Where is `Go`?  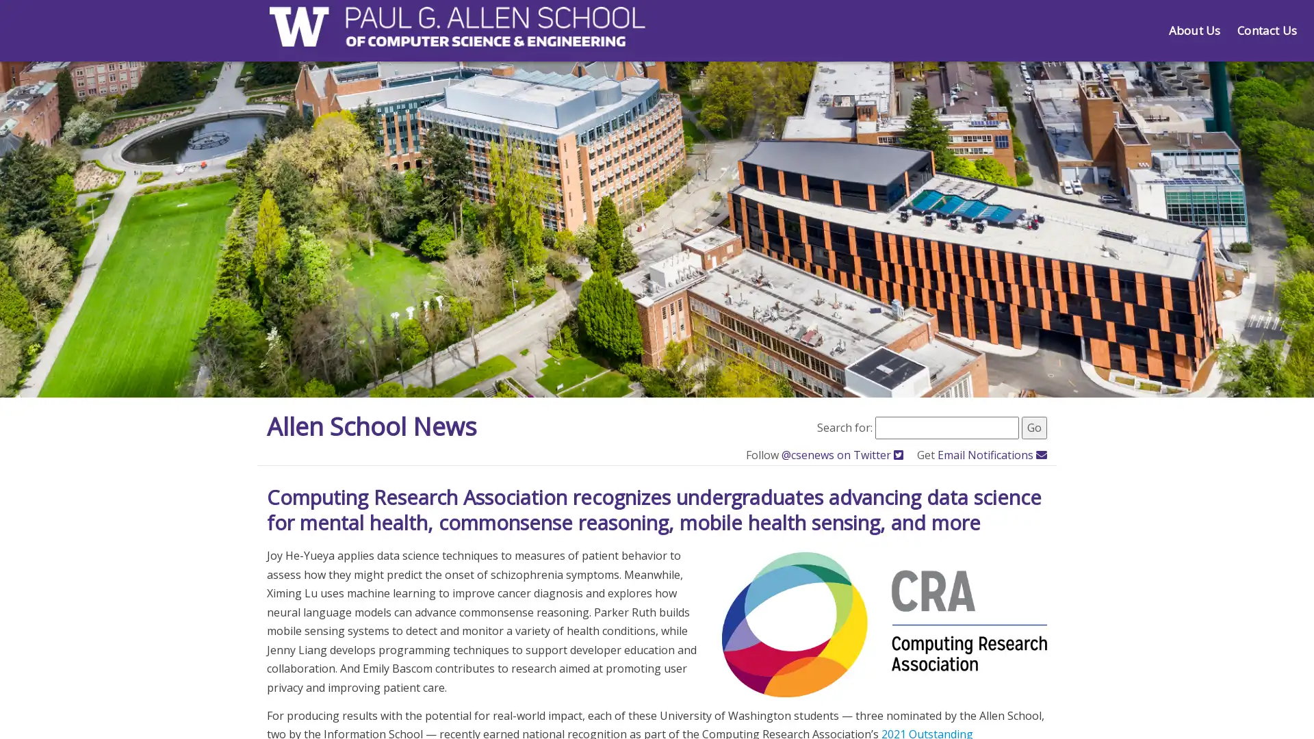
Go is located at coordinates (1034, 426).